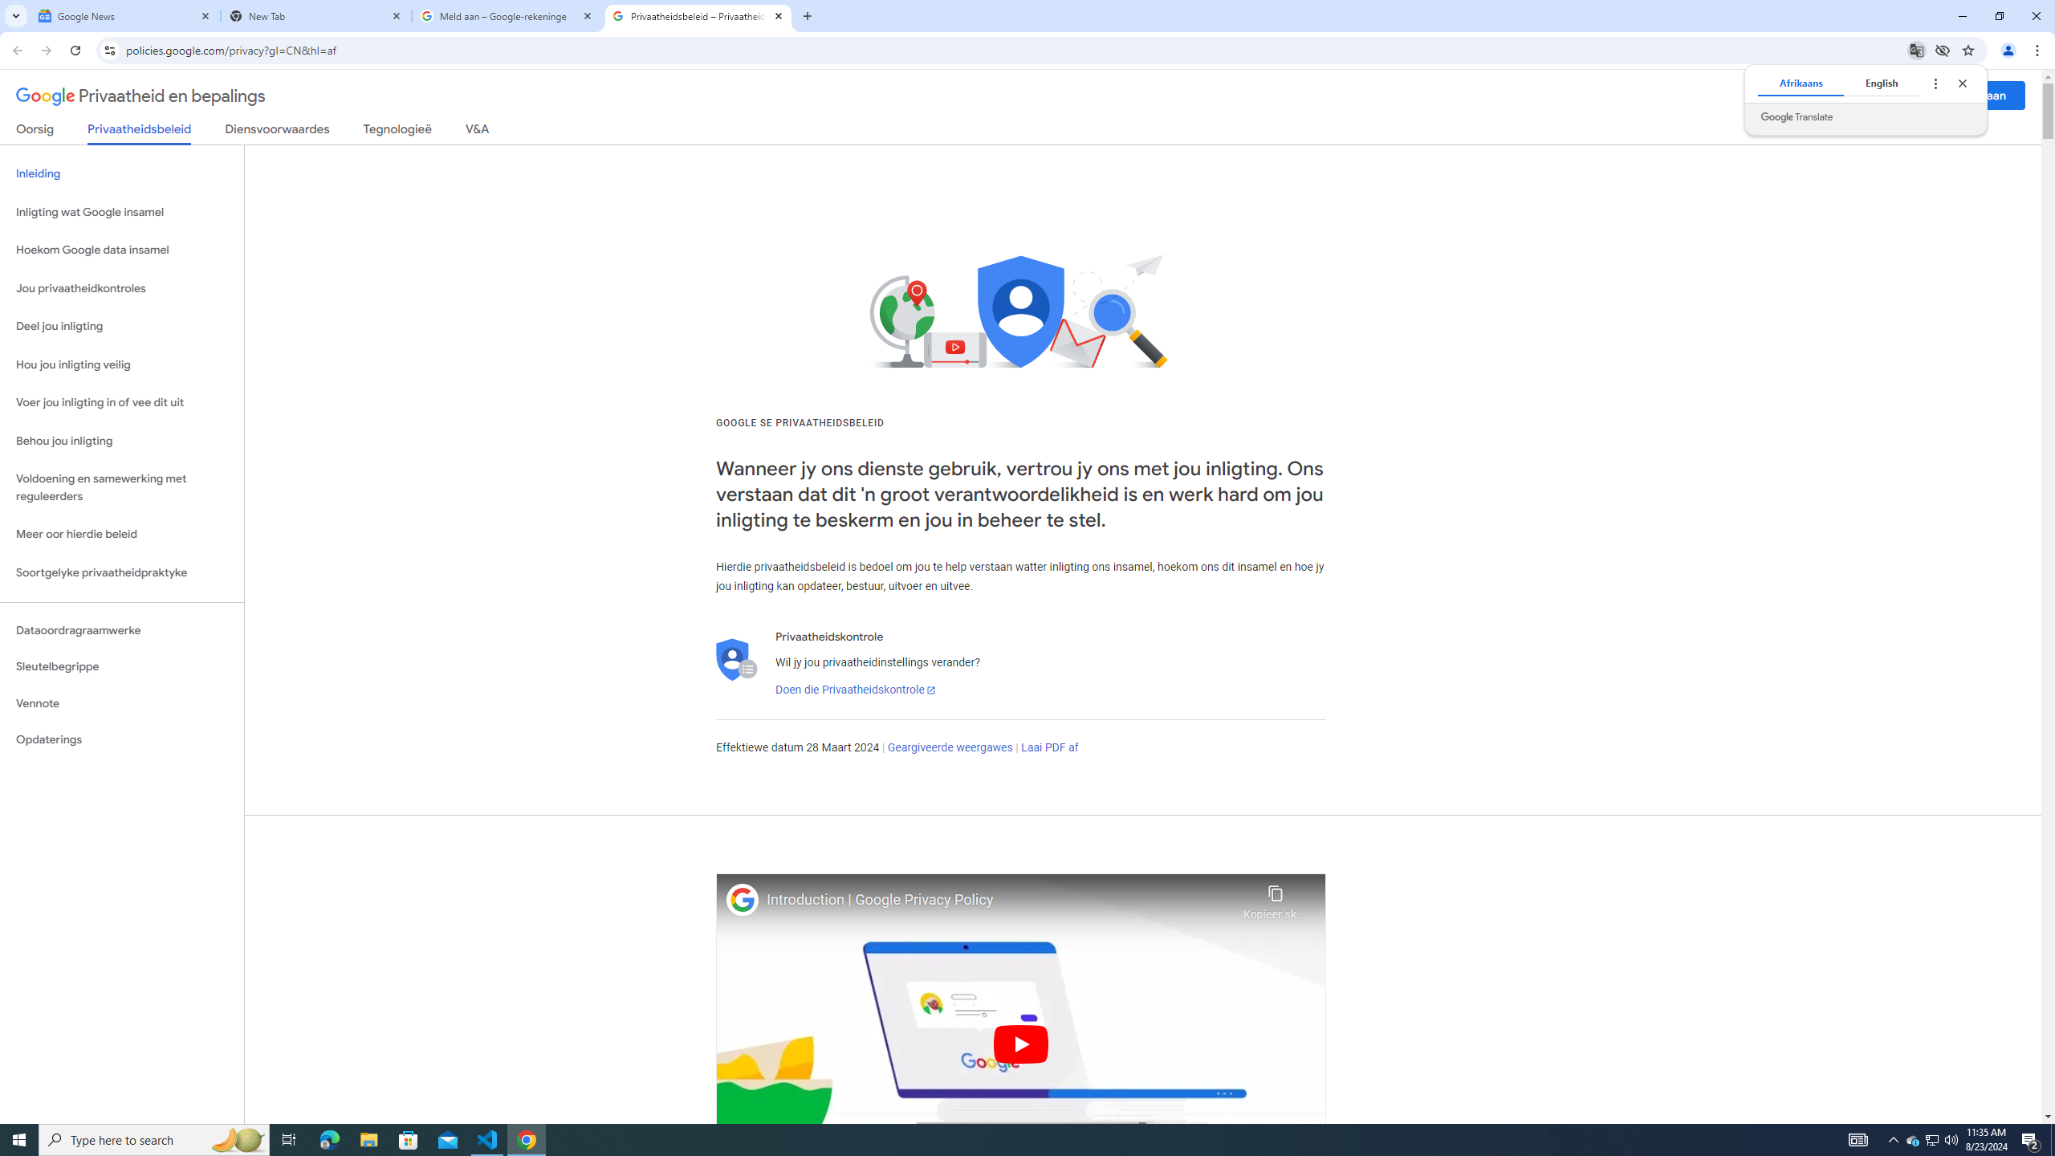 This screenshot has height=1156, width=2055. I want to click on 'Soortgelyke privaatheidpraktyke', so click(121, 572).